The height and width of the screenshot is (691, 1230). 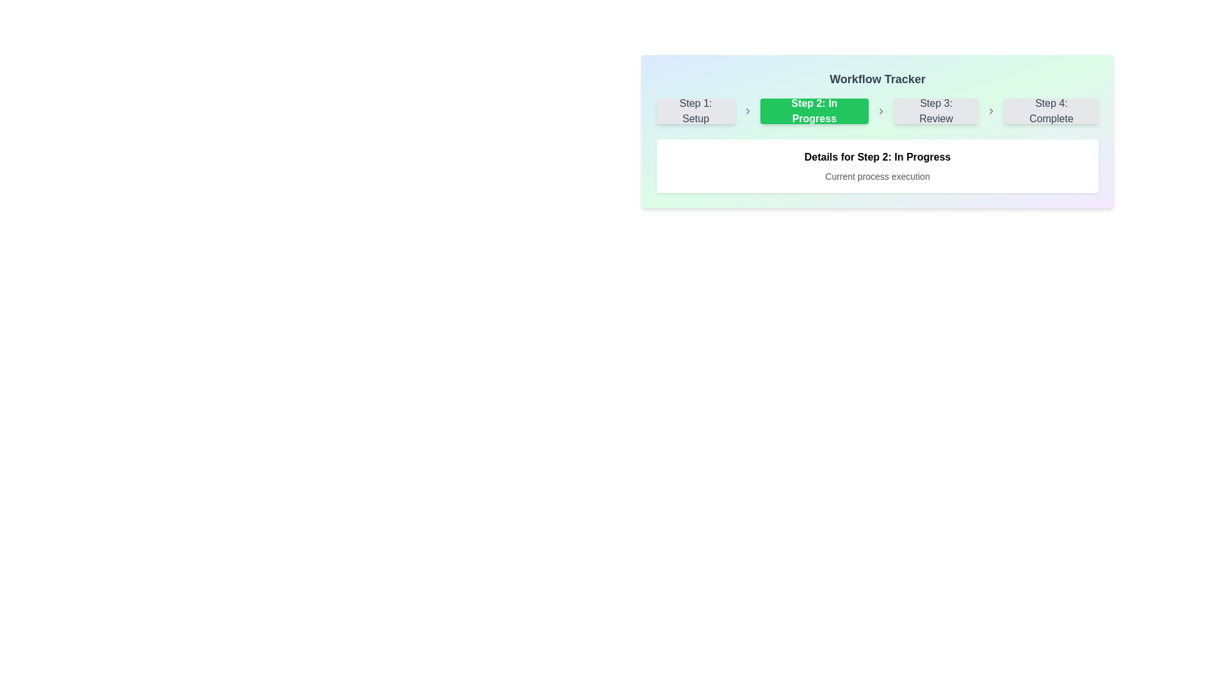 I want to click on the rightward-pointing arrow icon located between the 'Step 1: Setup' and 'Step 2: In Progress' buttons in the workflow tracker, so click(x=748, y=110).